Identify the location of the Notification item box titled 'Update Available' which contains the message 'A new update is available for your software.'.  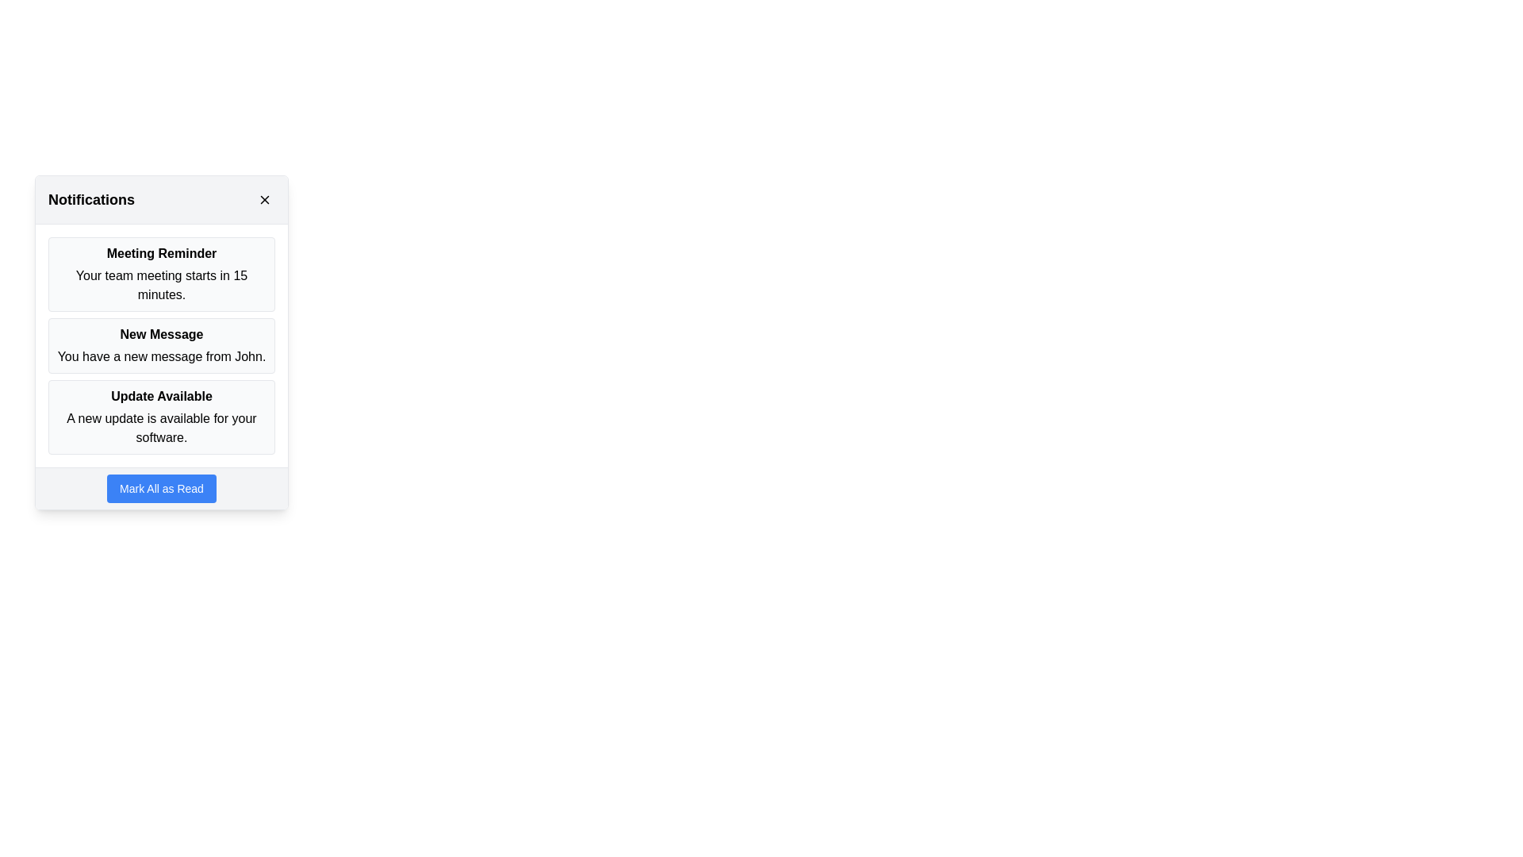
(161, 416).